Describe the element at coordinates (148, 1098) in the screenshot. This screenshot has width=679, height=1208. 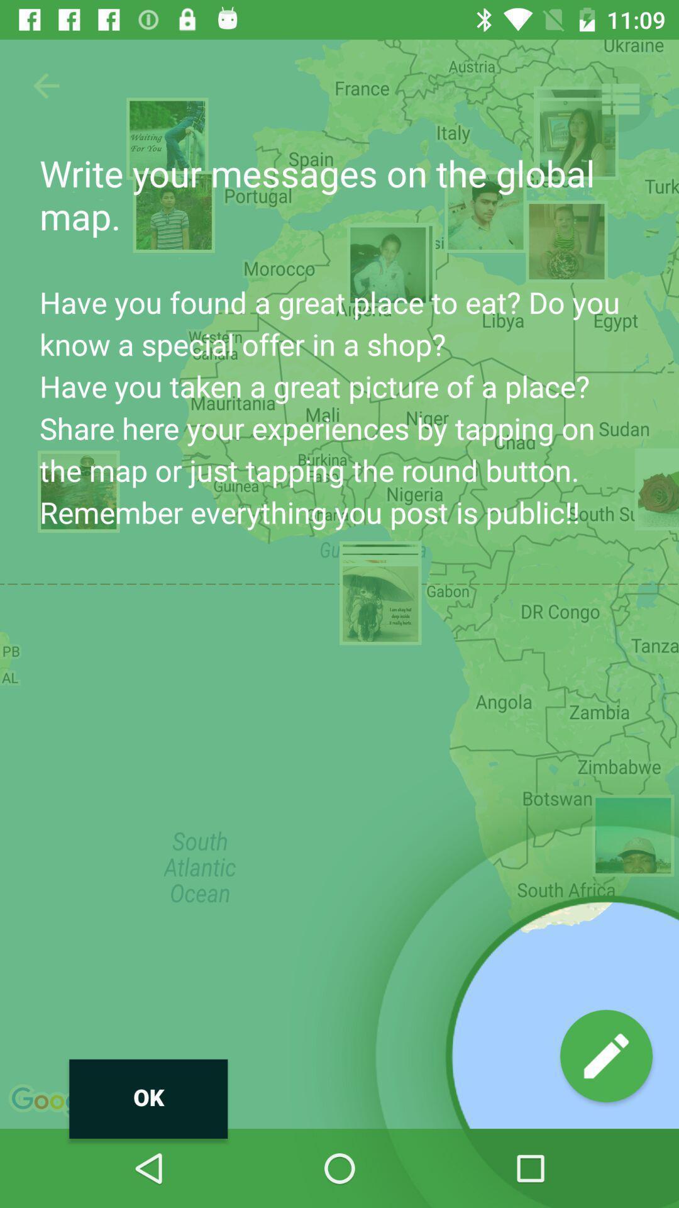
I see `the ok` at that location.